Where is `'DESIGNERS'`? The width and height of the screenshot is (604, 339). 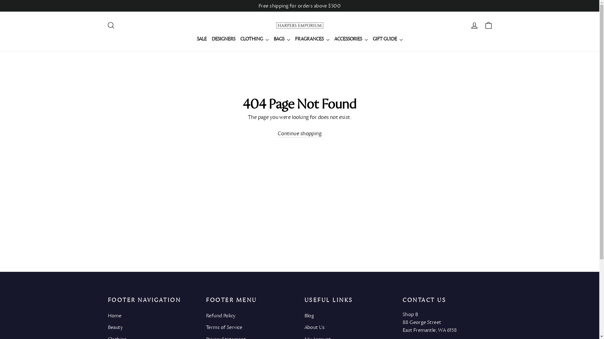
'DESIGNERS' is located at coordinates (223, 39).